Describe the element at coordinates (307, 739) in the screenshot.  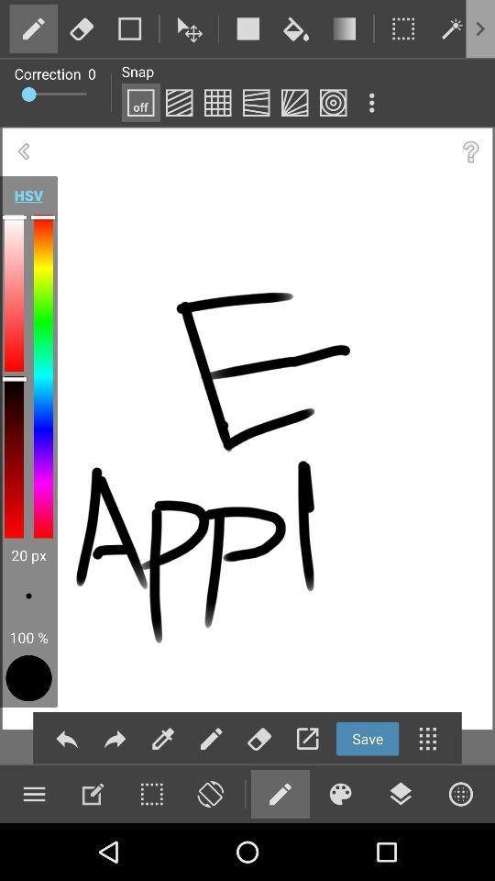
I see `the launch icon` at that location.